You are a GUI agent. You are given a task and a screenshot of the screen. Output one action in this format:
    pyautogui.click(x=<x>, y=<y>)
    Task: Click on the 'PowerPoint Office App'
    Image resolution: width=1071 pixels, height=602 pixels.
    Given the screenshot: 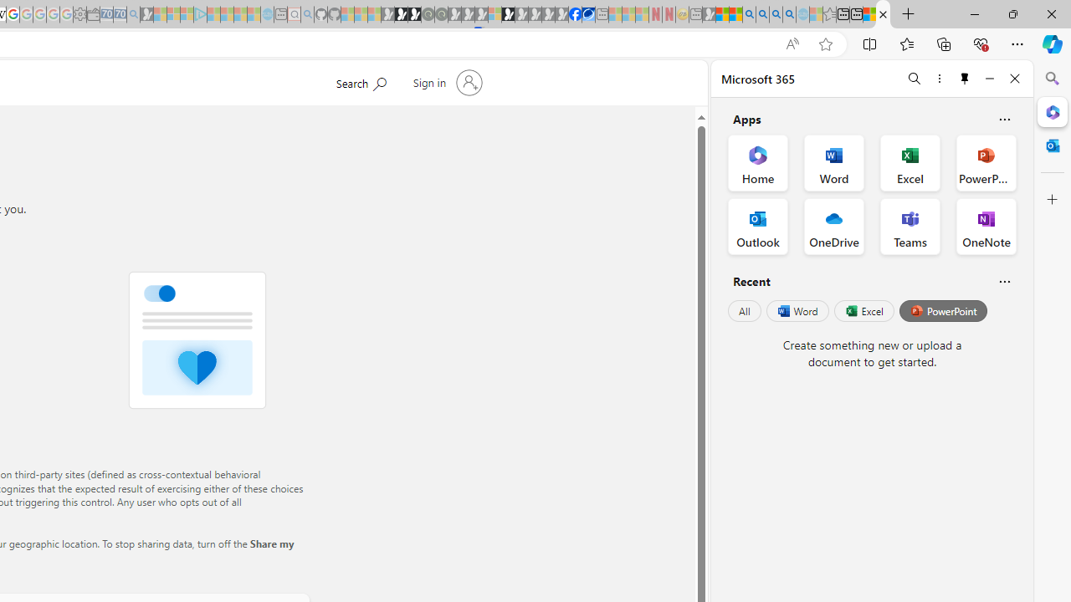 What is the action you would take?
    pyautogui.click(x=986, y=163)
    